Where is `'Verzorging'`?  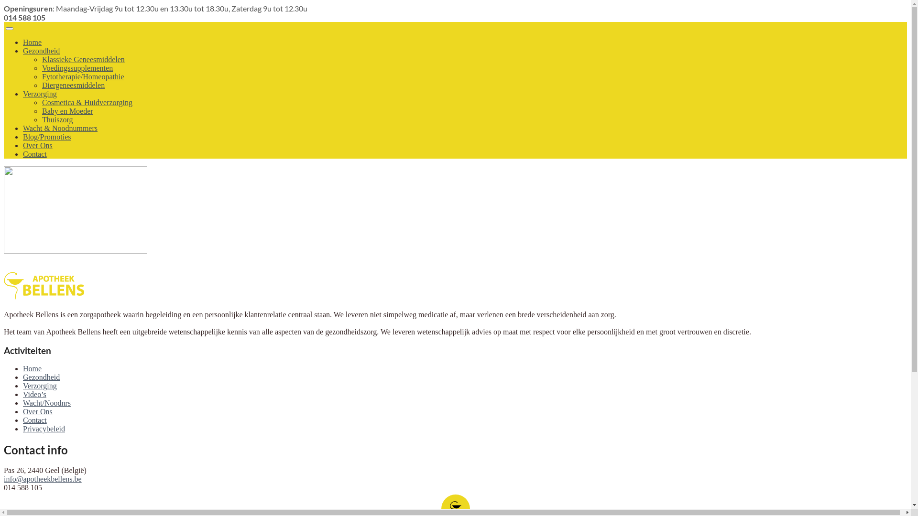 'Verzorging' is located at coordinates (39, 94).